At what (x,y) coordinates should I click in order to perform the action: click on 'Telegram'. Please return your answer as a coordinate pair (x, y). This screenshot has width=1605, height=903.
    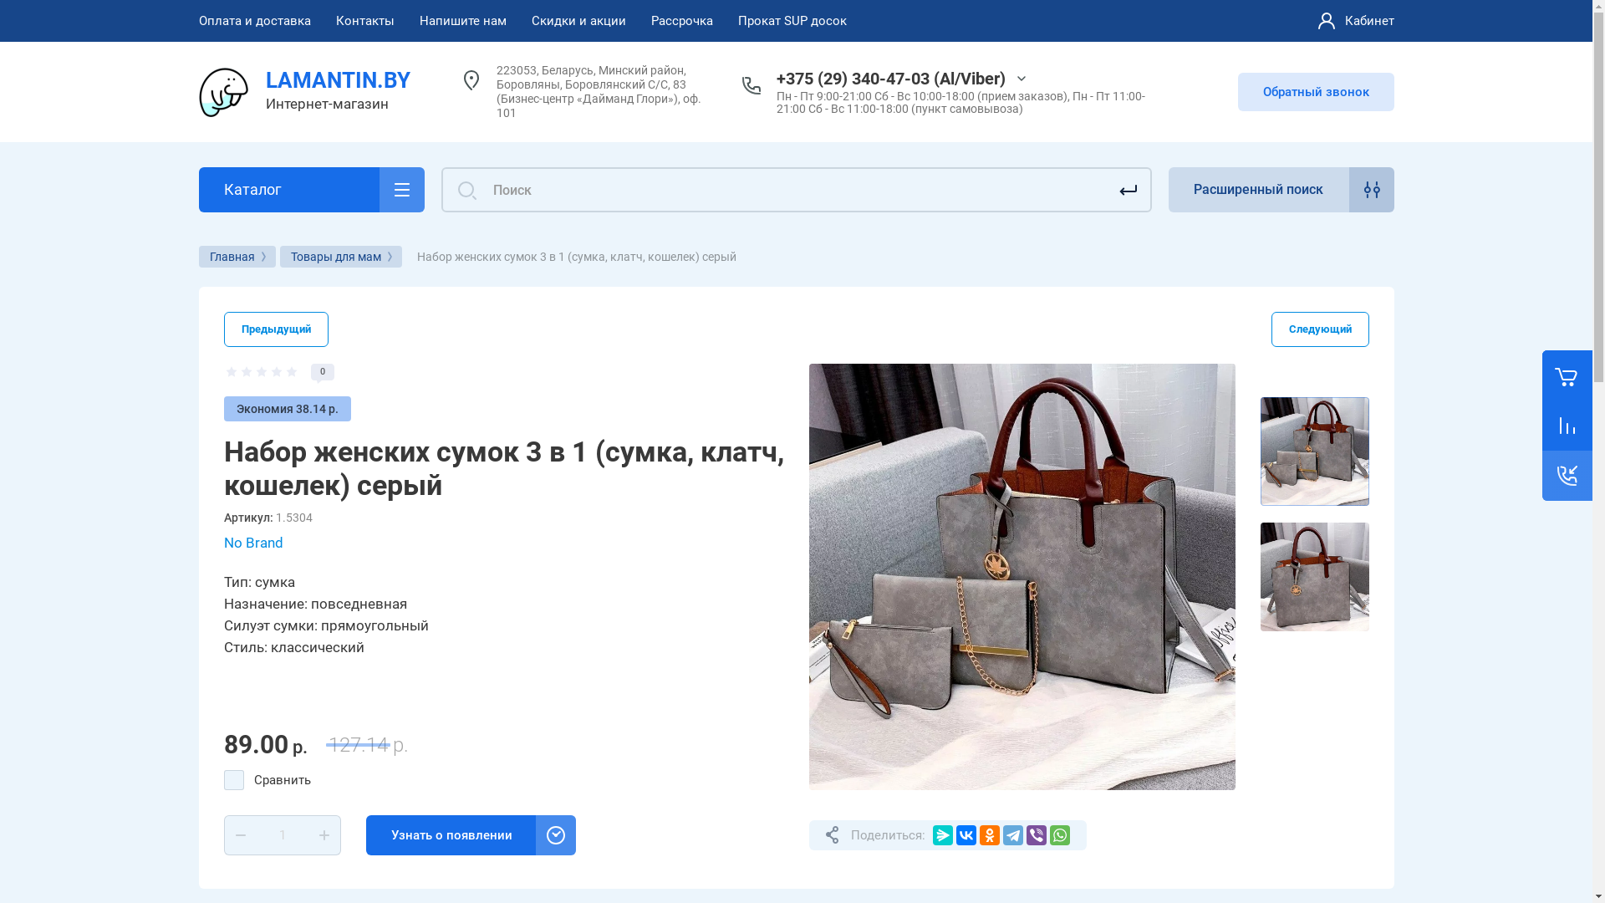
    Looking at the image, I should click on (1011, 835).